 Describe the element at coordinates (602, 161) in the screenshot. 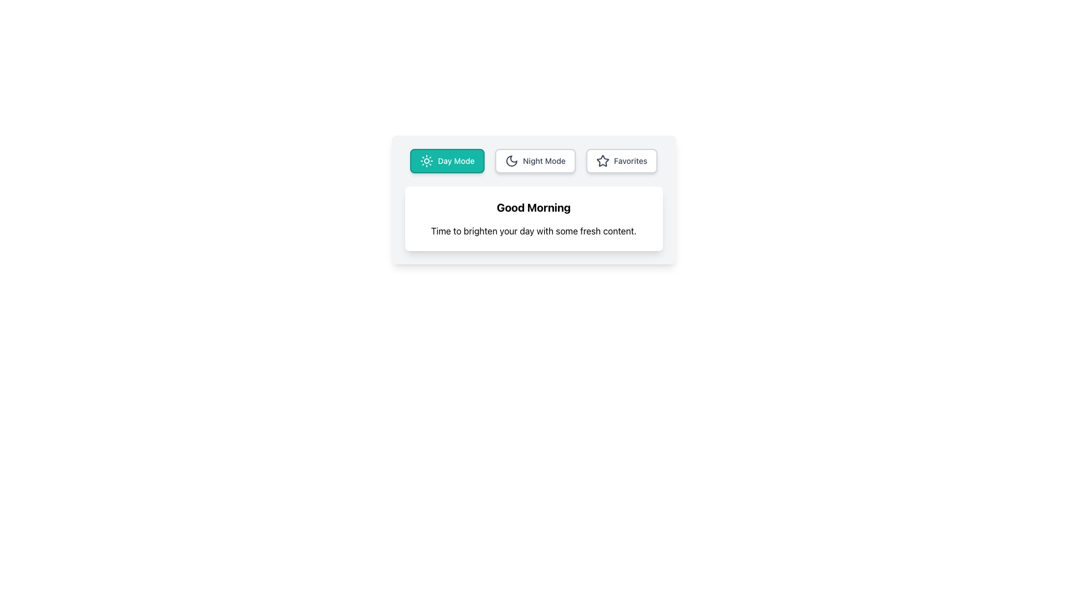

I see `the star-shaped icon within the 'Favorites' button, which is located in the top-right corner of a group of three buttons labeled 'Day Mode', 'Night Mode', and 'Favorites'` at that location.